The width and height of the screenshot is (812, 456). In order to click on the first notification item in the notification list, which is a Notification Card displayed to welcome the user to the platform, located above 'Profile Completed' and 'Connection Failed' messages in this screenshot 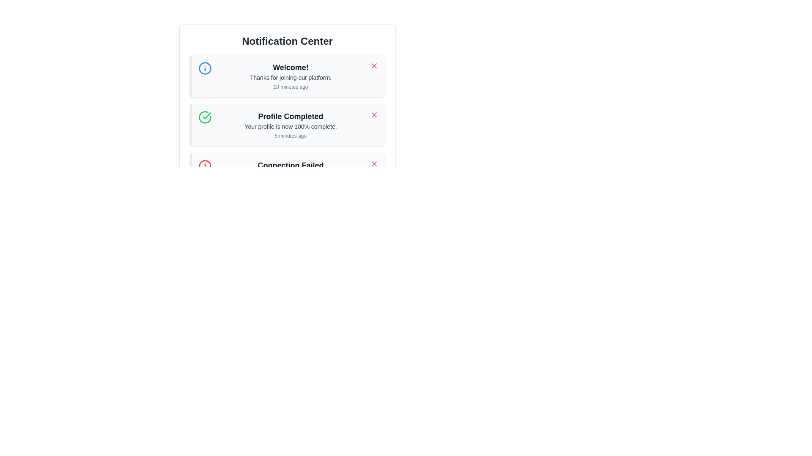, I will do `click(287, 76)`.